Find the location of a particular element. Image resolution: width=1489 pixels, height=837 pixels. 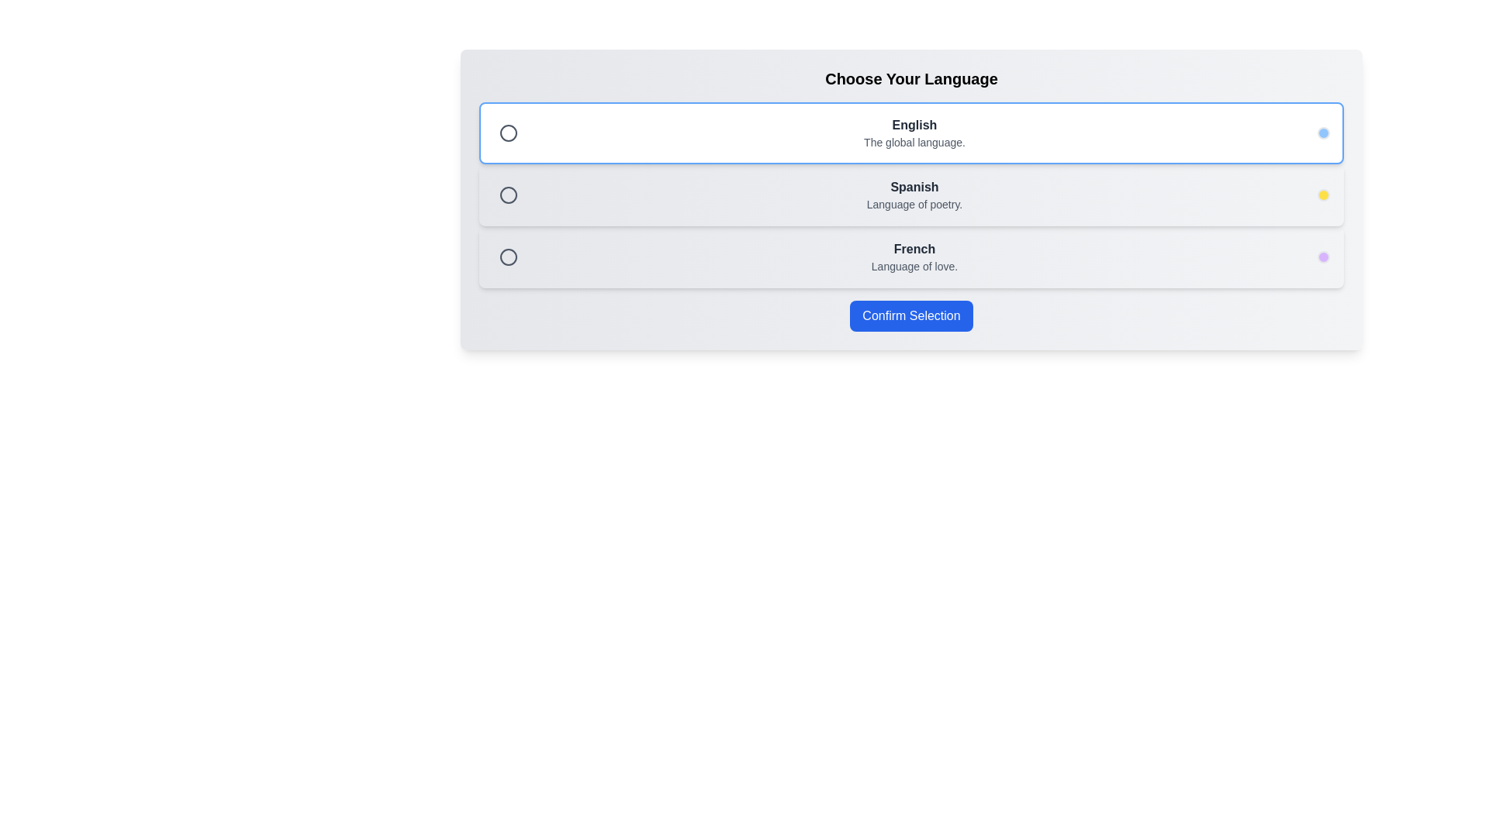

the small, circular, yellow-filled graphic indicator located at the right end of the row labeled 'Spanish' with the description 'Language of poetry.' is located at coordinates (1323, 194).